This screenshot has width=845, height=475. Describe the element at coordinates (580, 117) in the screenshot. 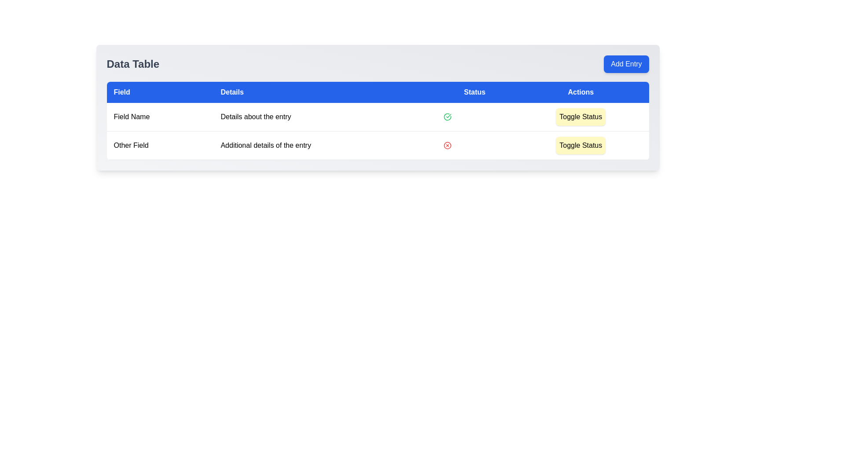

I see `the 'Toggle Status' button with a yellow background and black text, located in the 'Actions' column of the table` at that location.